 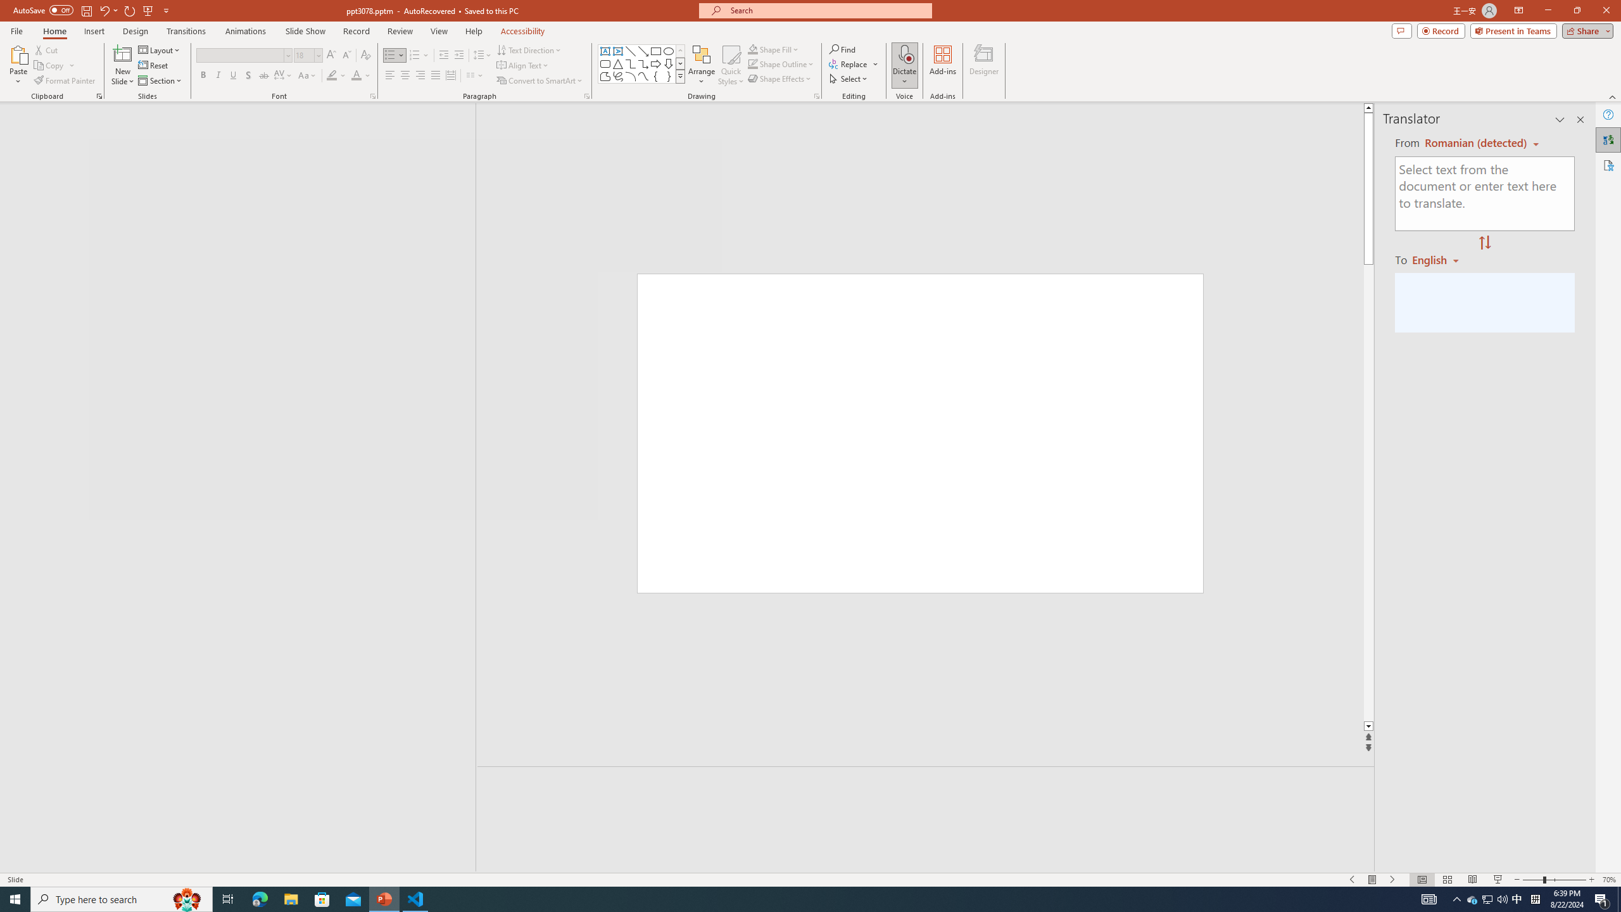 I want to click on 'Select', so click(x=849, y=77).